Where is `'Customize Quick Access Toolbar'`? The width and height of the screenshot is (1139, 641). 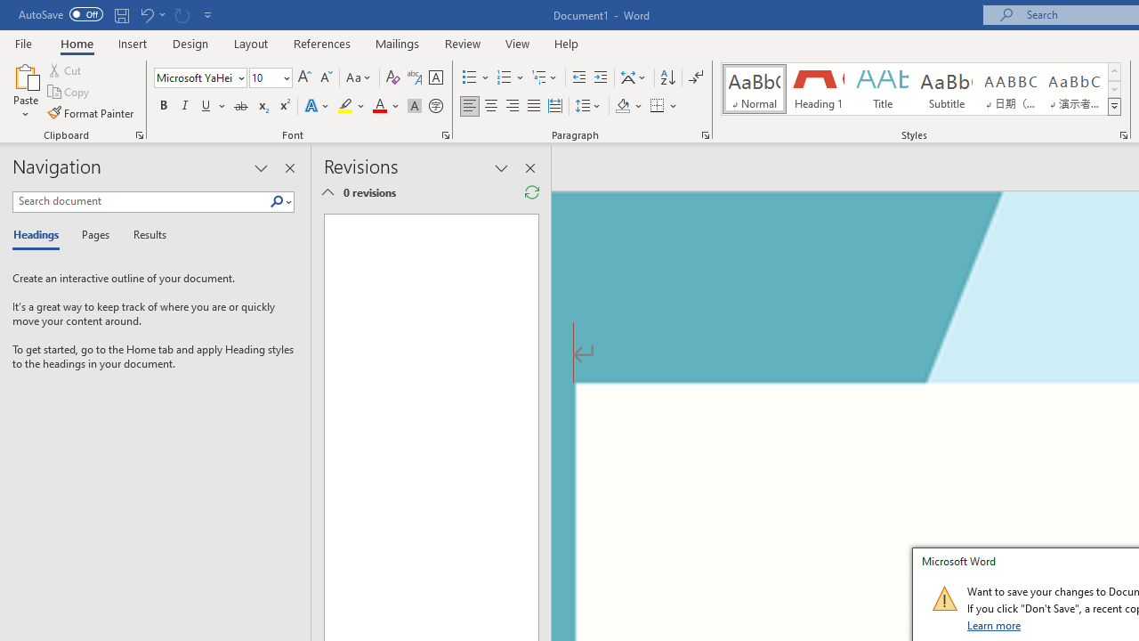
'Customize Quick Access Toolbar' is located at coordinates (208, 14).